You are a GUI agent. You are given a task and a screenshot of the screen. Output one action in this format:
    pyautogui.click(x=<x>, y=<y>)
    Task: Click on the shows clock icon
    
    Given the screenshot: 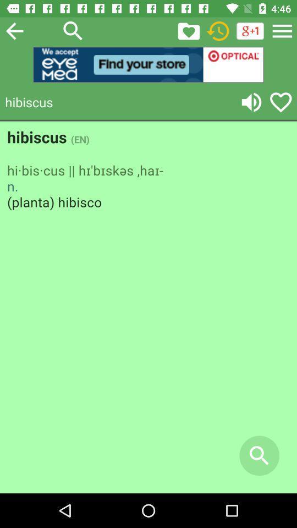 What is the action you would take?
    pyautogui.click(x=218, y=30)
    